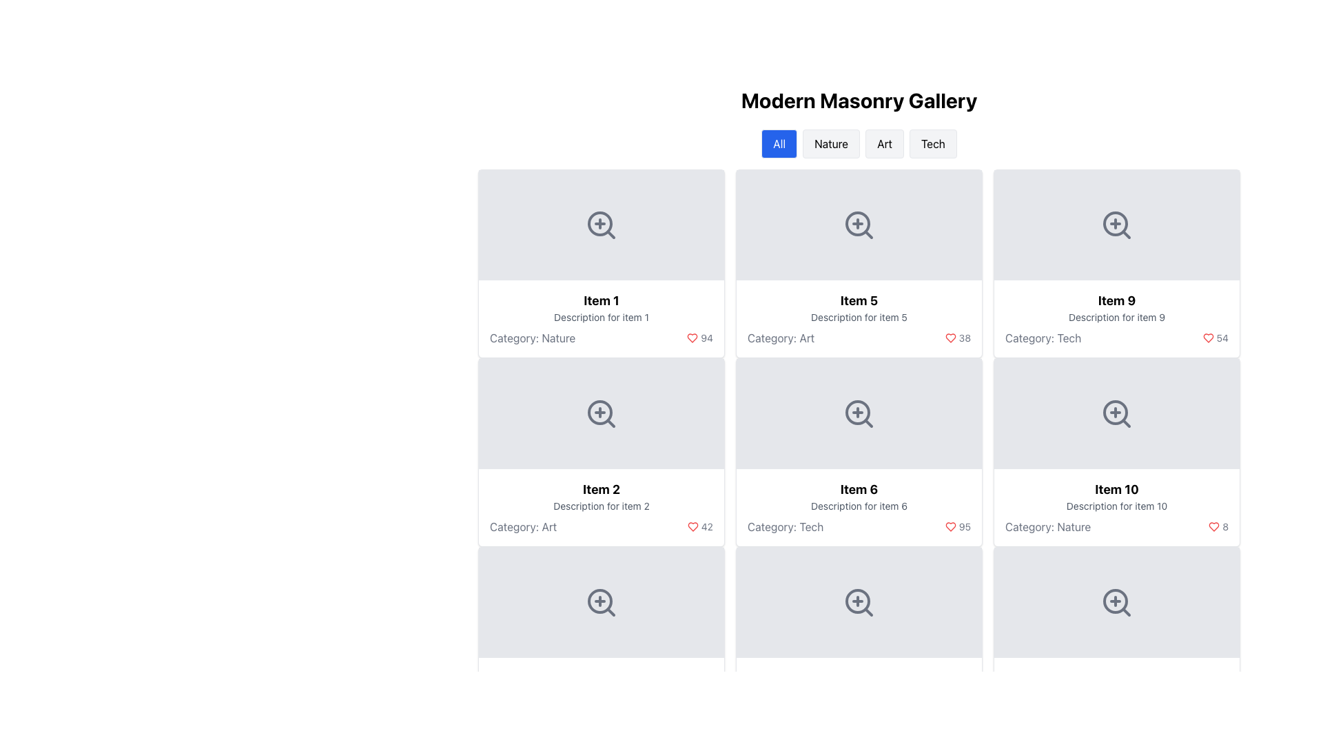 This screenshot has width=1323, height=744. What do you see at coordinates (1126, 234) in the screenshot?
I see `the diagonal line segment within the magnifying glass icon located in the top-right corner of the card labeled 'Item 9'` at bounding box center [1126, 234].